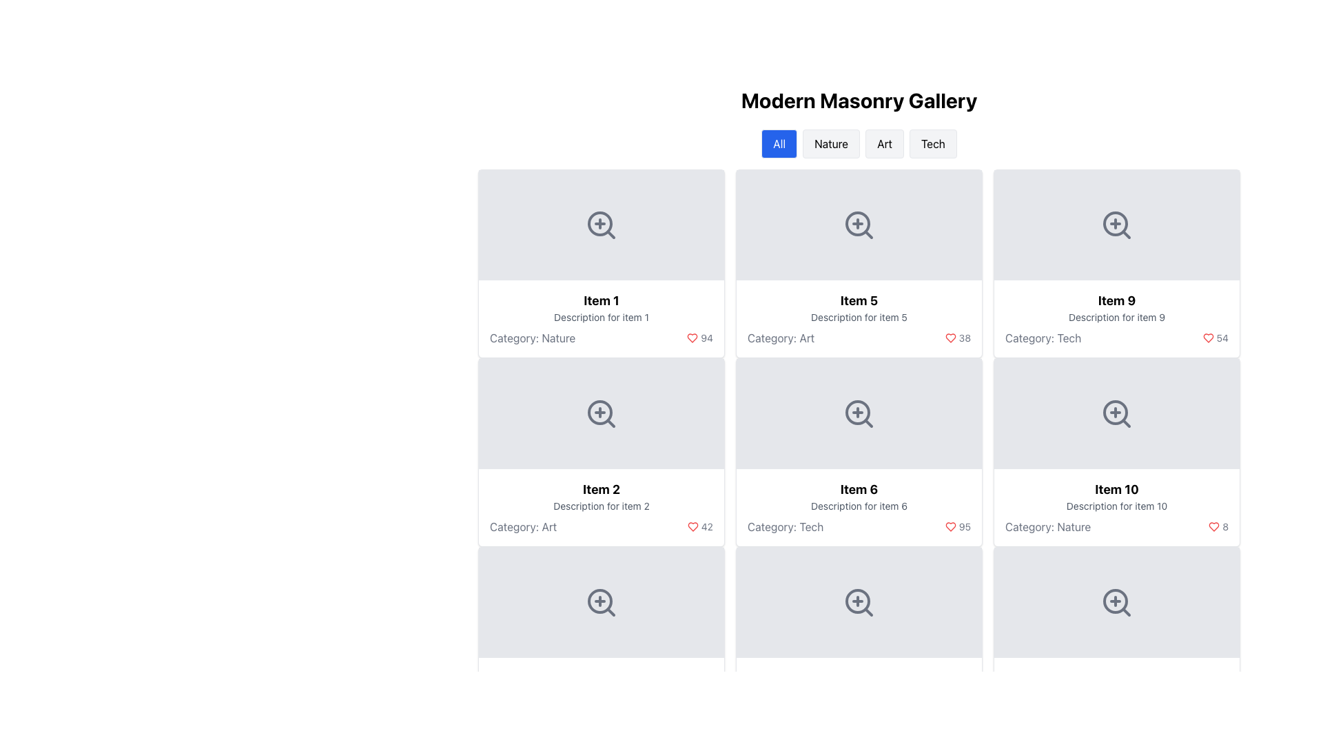 This screenshot has width=1323, height=744. What do you see at coordinates (1126, 234) in the screenshot?
I see `the diagonal line segment within the magnifying glass icon located in the top-right corner of the card labeled 'Item 9'` at bounding box center [1126, 234].